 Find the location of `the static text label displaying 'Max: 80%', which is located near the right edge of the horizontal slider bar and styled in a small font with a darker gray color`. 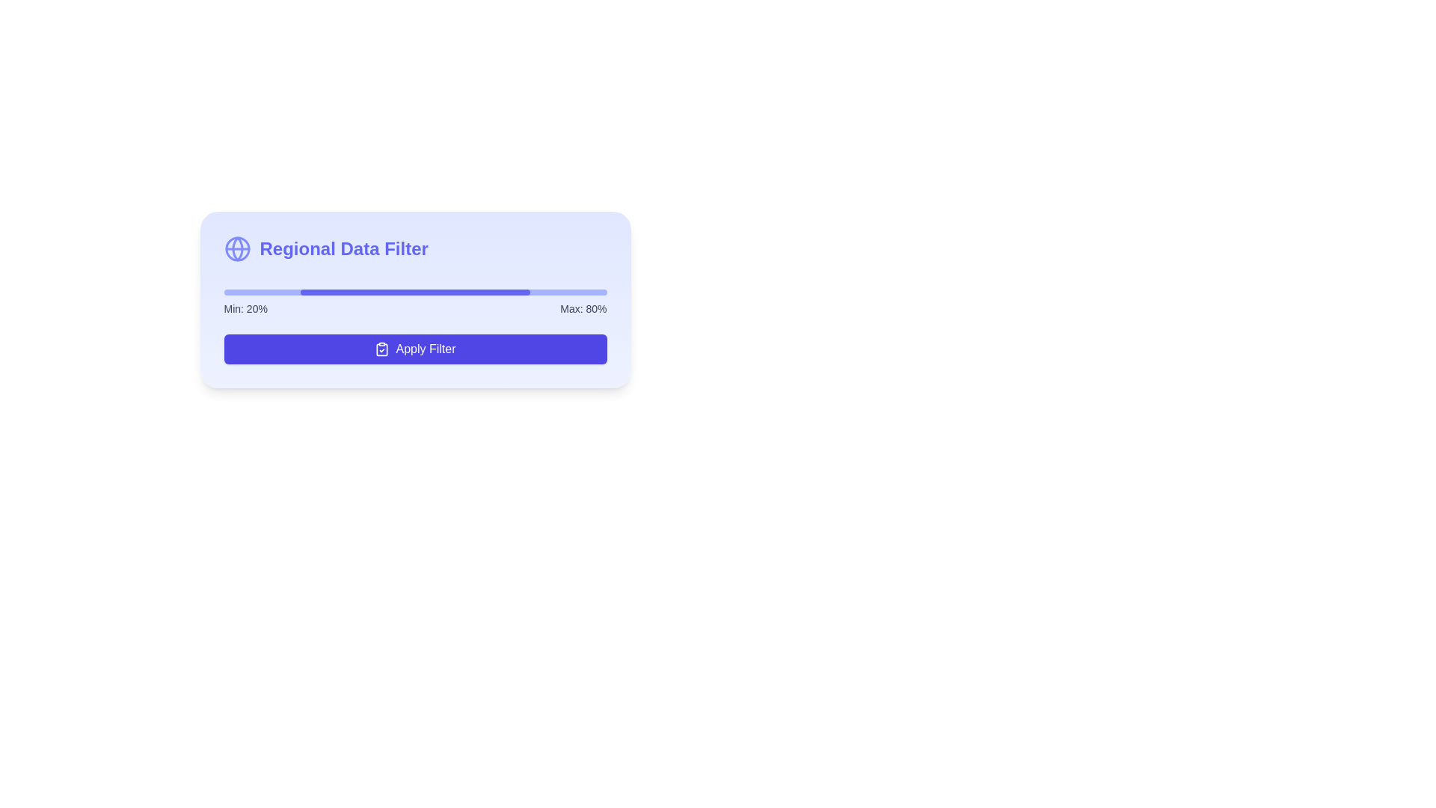

the static text label displaying 'Max: 80%', which is located near the right edge of the horizontal slider bar and styled in a small font with a darker gray color is located at coordinates (583, 307).